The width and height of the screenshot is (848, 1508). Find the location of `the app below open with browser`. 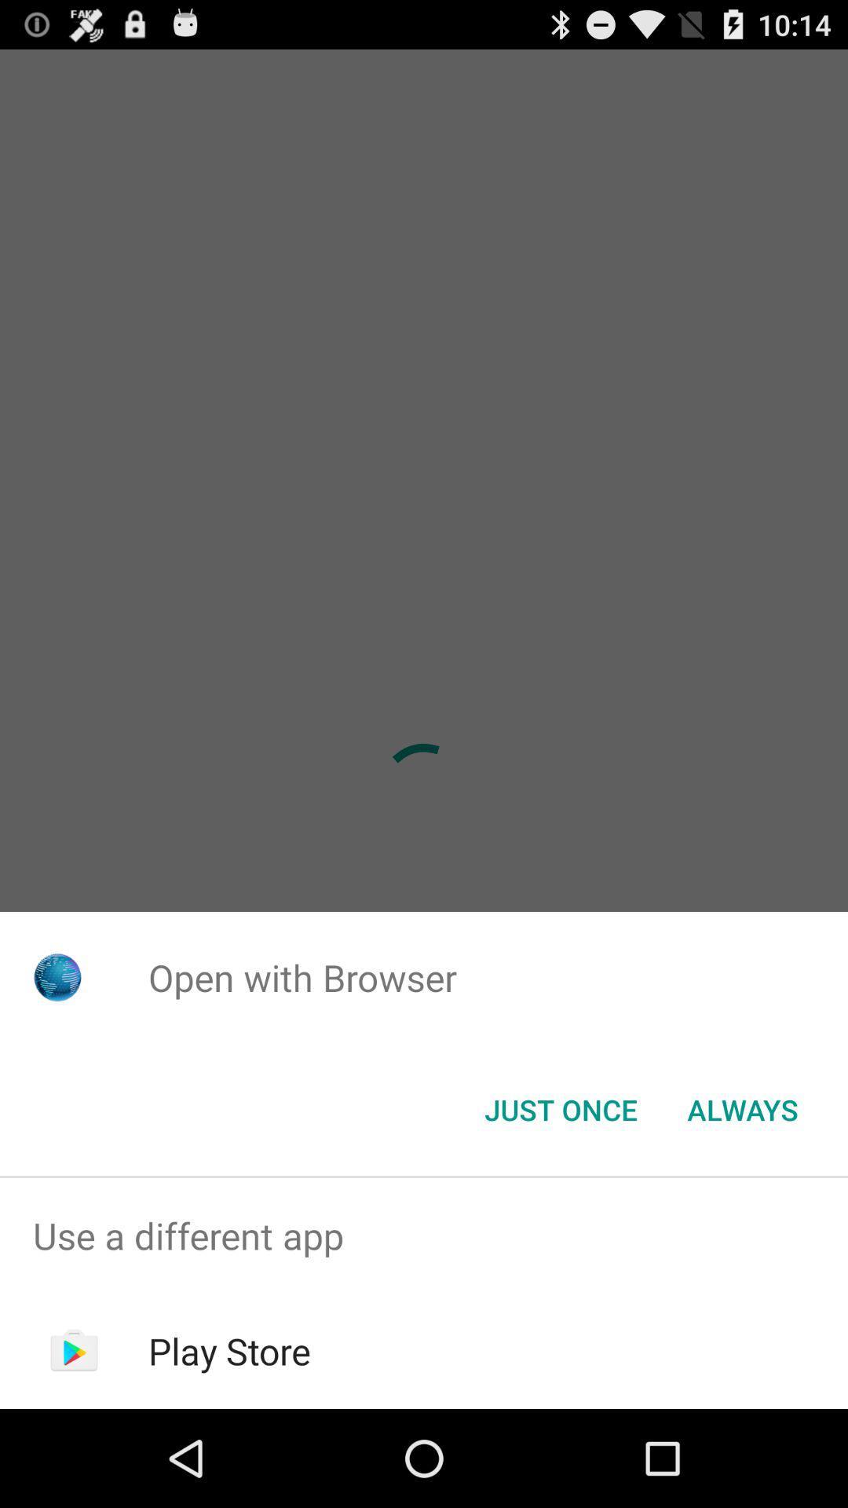

the app below open with browser is located at coordinates (742, 1108).